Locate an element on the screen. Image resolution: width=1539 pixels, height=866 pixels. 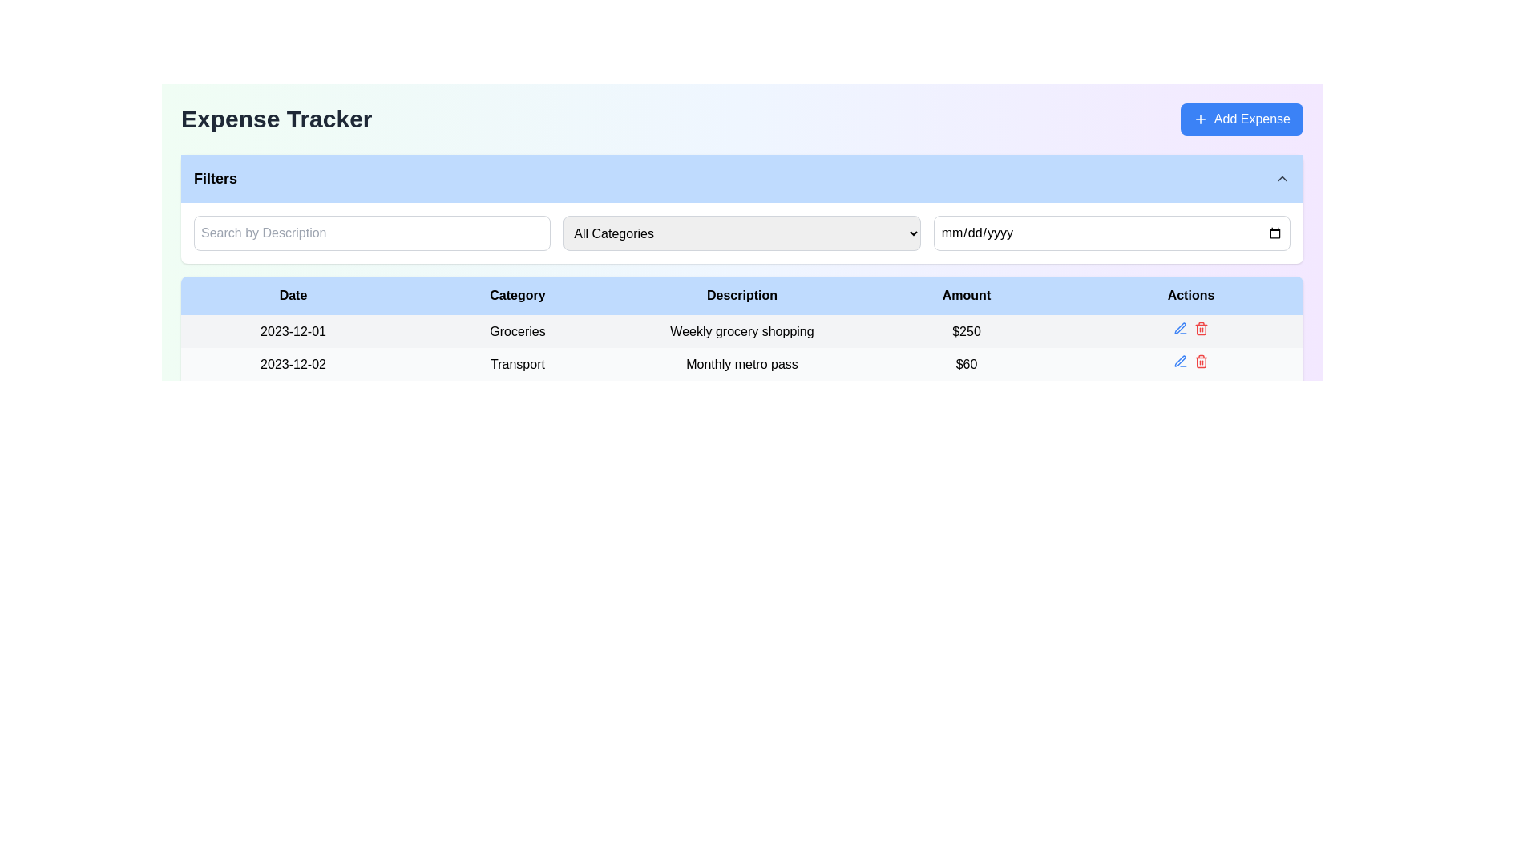
the text label 'Amount', which is styled with a bold black font against a light blue background and is located in the fourth column of a table header row is located at coordinates (965, 296).